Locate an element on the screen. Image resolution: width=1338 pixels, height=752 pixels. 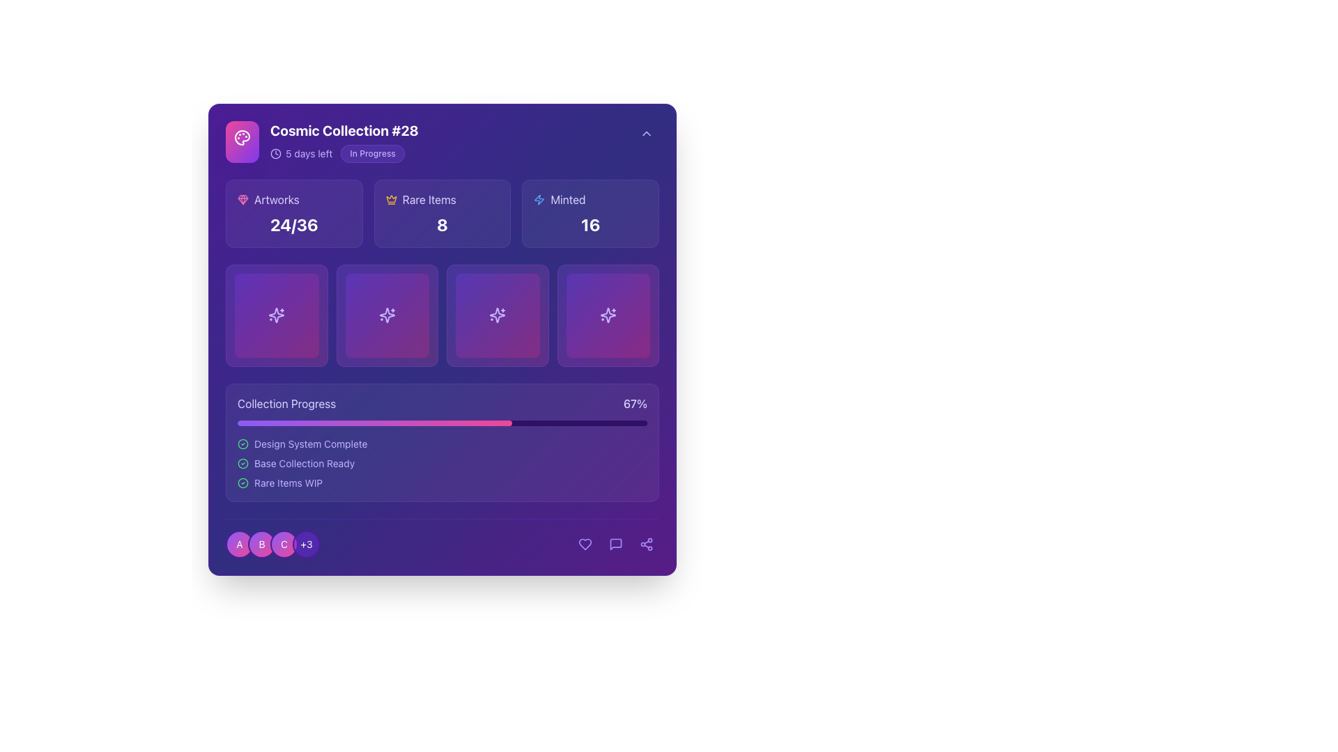
the leftmost sparkles icon, which is a violet-colored icon resembling a collection of small stars is located at coordinates (277, 315).